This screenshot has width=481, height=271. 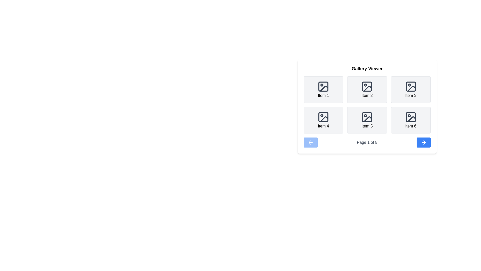 What do you see at coordinates (423, 142) in the screenshot?
I see `the navigation arrow icon located at the bottom-right corner of the Gallery Viewer interface` at bounding box center [423, 142].